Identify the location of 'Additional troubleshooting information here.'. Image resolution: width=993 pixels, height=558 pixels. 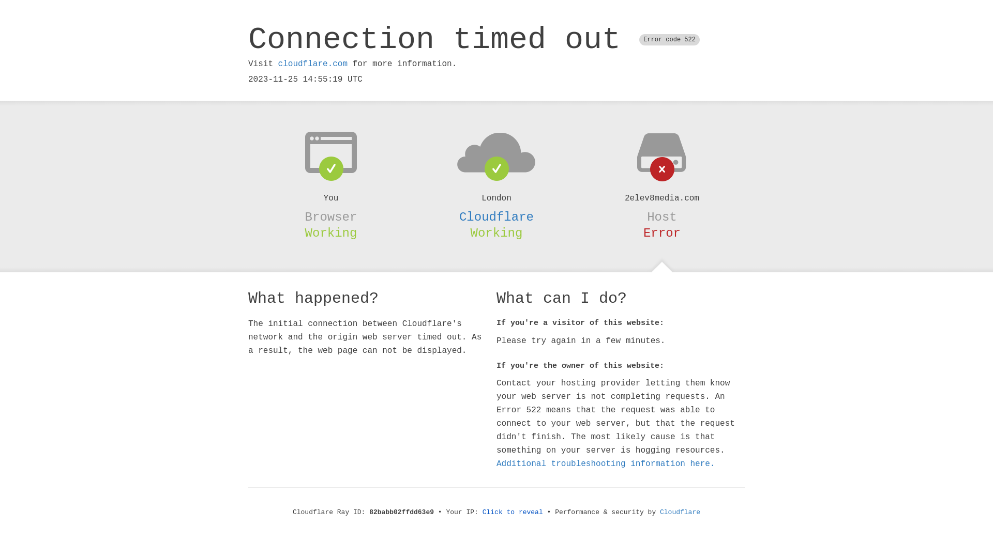
(606, 463).